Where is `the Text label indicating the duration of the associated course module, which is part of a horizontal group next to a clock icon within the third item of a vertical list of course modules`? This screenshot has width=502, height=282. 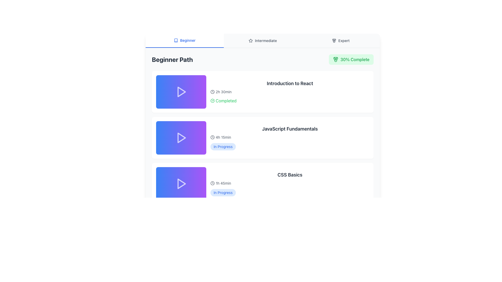
the Text label indicating the duration of the associated course module, which is part of a horizontal group next to a clock icon within the third item of a vertical list of course modules is located at coordinates (223, 183).